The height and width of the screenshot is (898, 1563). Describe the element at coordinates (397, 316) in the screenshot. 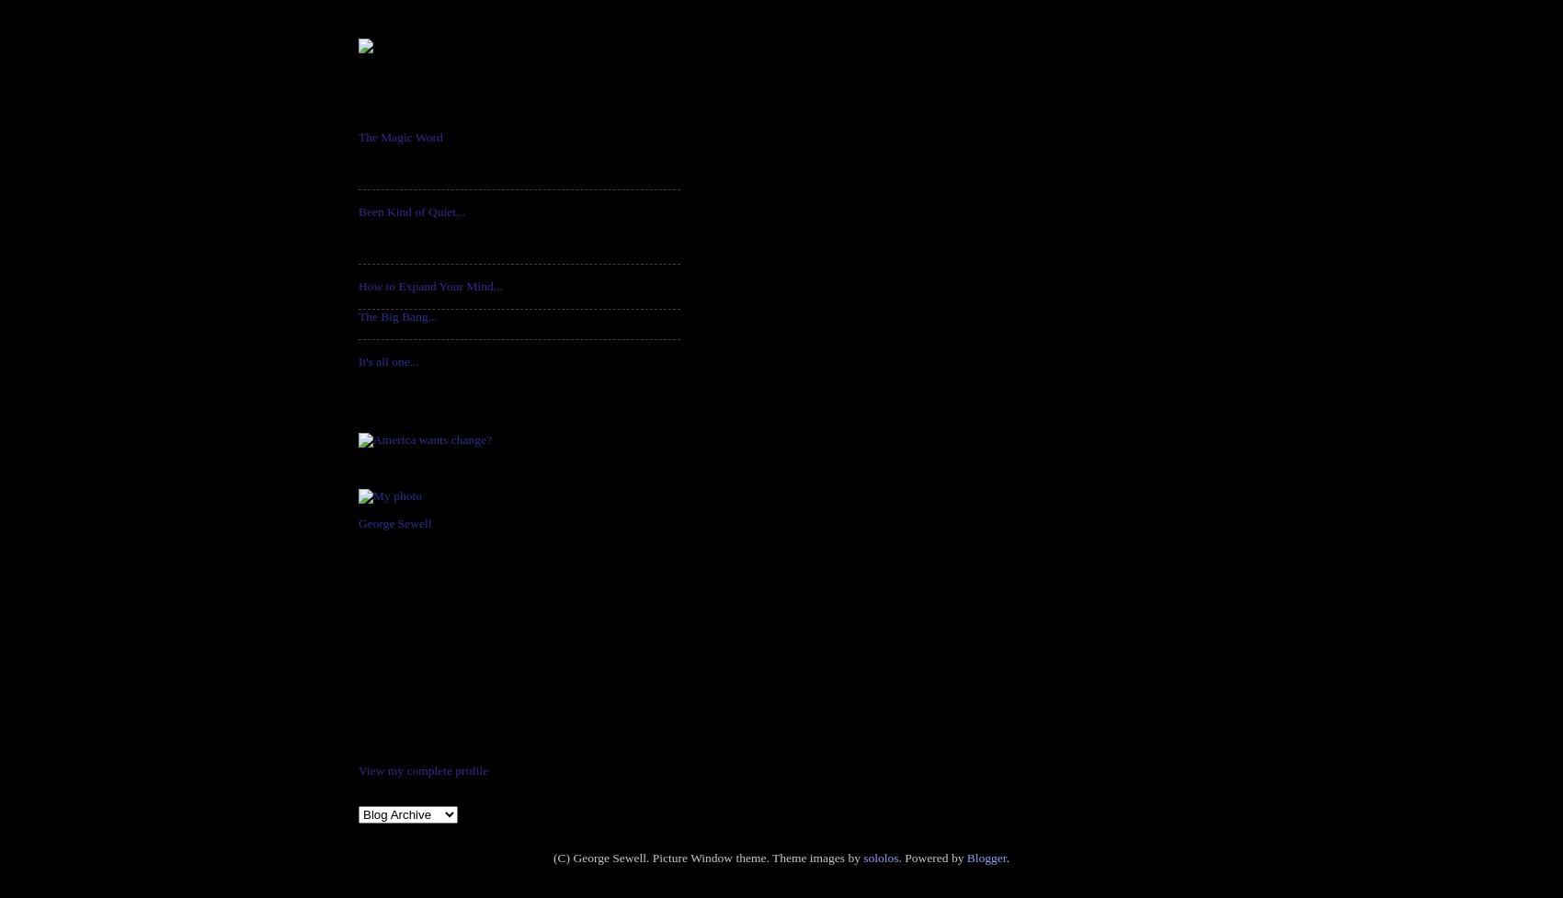

I see `'The Big Bang...'` at that location.